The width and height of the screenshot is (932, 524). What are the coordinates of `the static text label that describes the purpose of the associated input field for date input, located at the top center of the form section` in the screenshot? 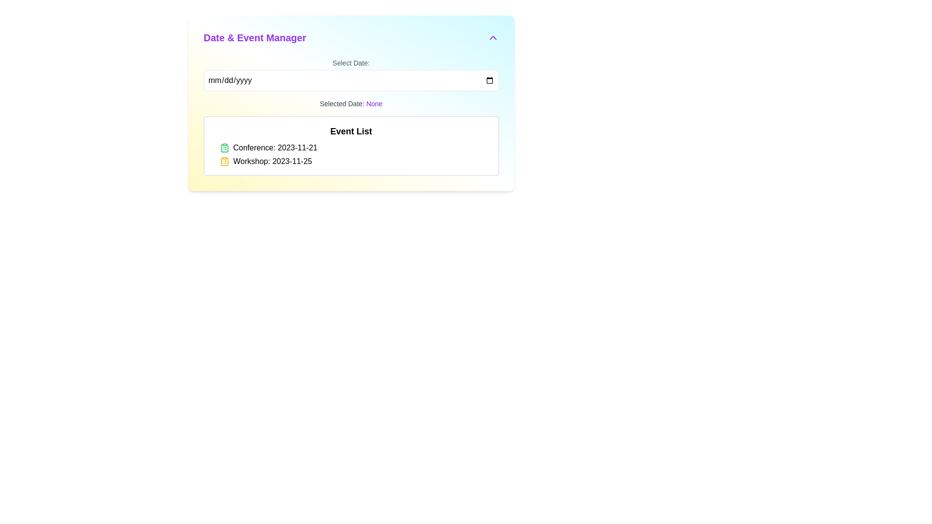 It's located at (350, 63).